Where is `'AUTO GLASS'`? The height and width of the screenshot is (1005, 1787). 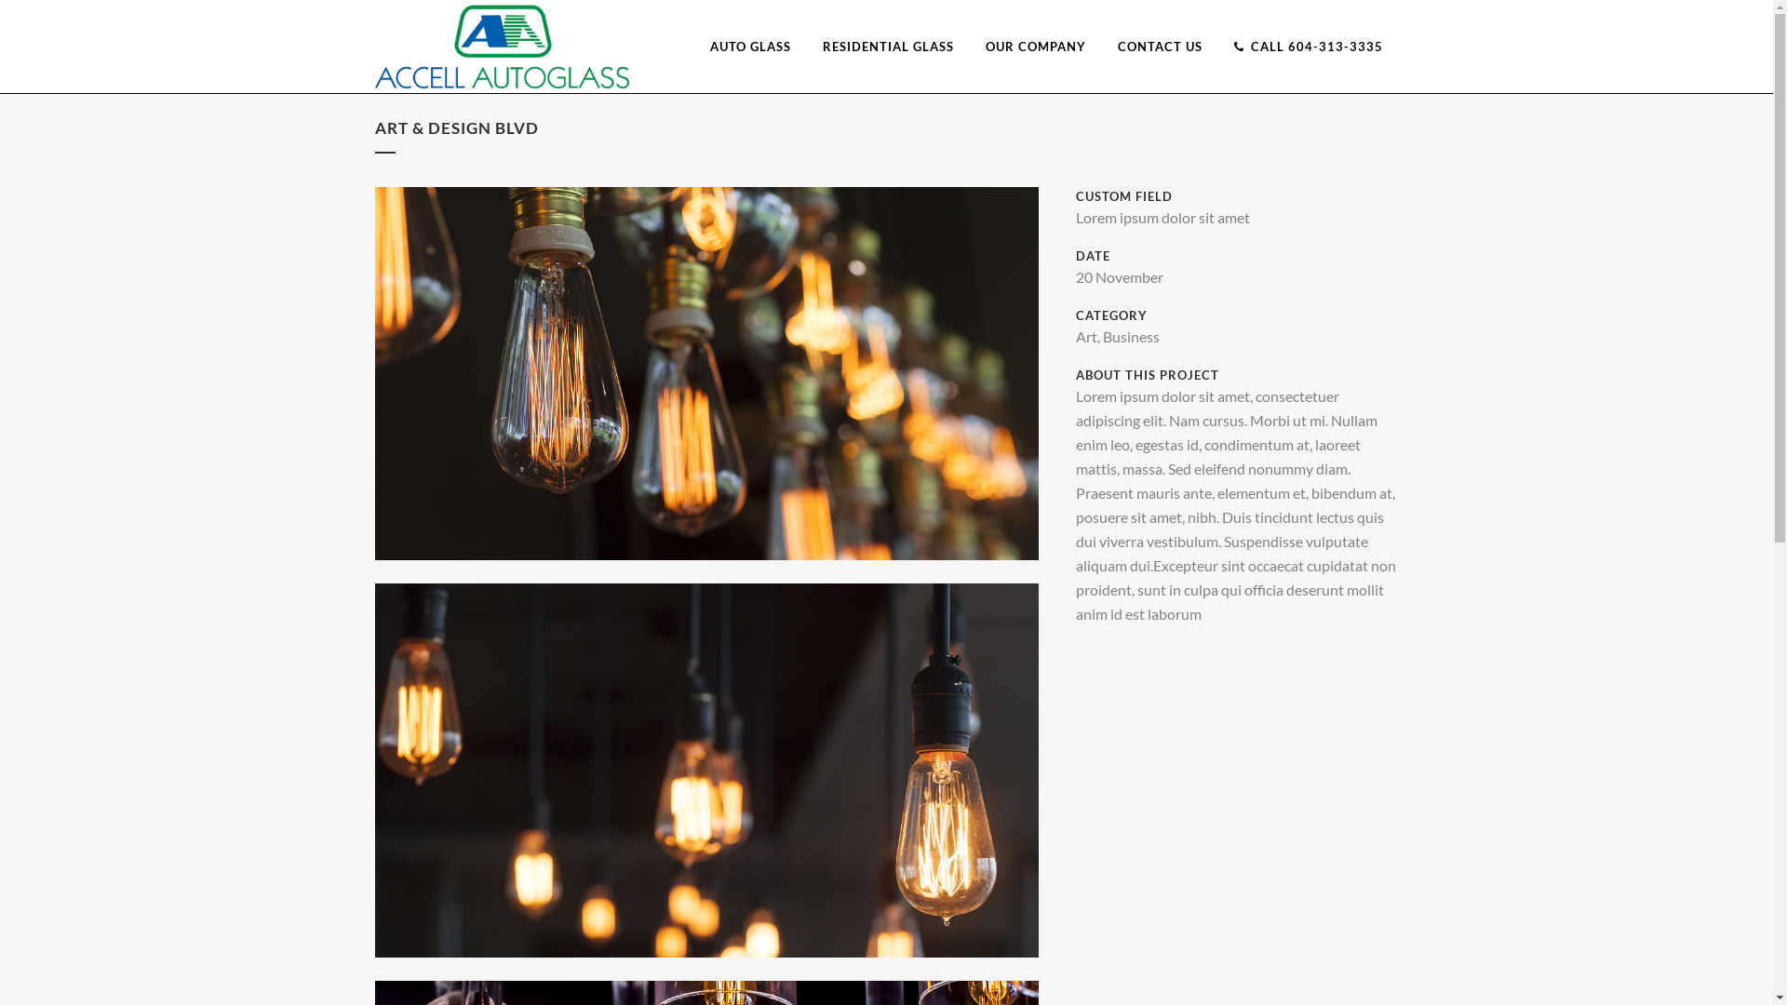
'AUTO GLASS' is located at coordinates (750, 46).